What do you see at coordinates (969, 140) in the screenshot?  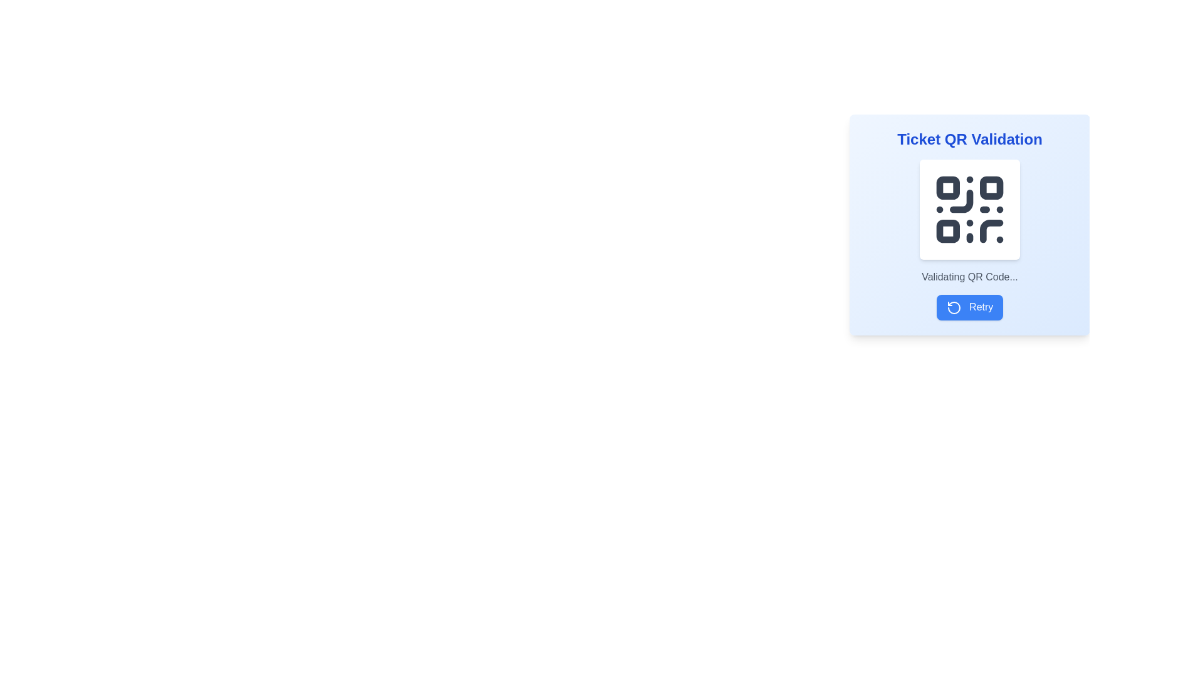 I see `the text label 'Ticket QR Validation' that is prominently displayed in blue color, styled in a bold and large font, and located at the top of a card-like component` at bounding box center [969, 140].